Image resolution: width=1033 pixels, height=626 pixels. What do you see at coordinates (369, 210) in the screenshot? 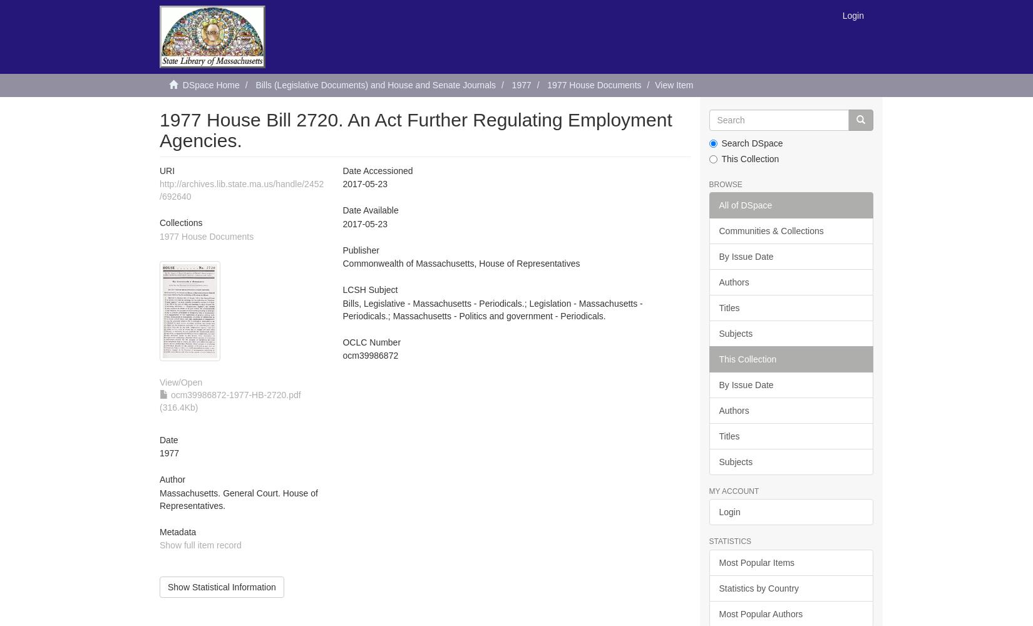
I see `'Date Available'` at bounding box center [369, 210].